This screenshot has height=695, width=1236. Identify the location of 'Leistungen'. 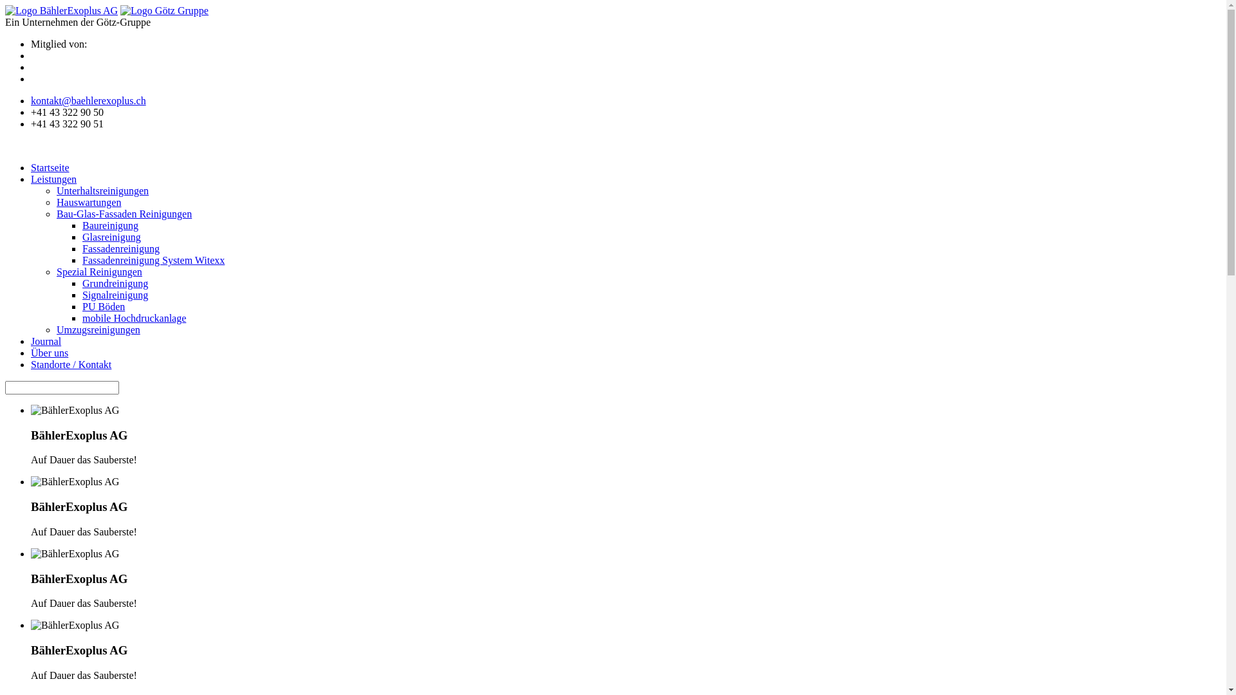
(31, 179).